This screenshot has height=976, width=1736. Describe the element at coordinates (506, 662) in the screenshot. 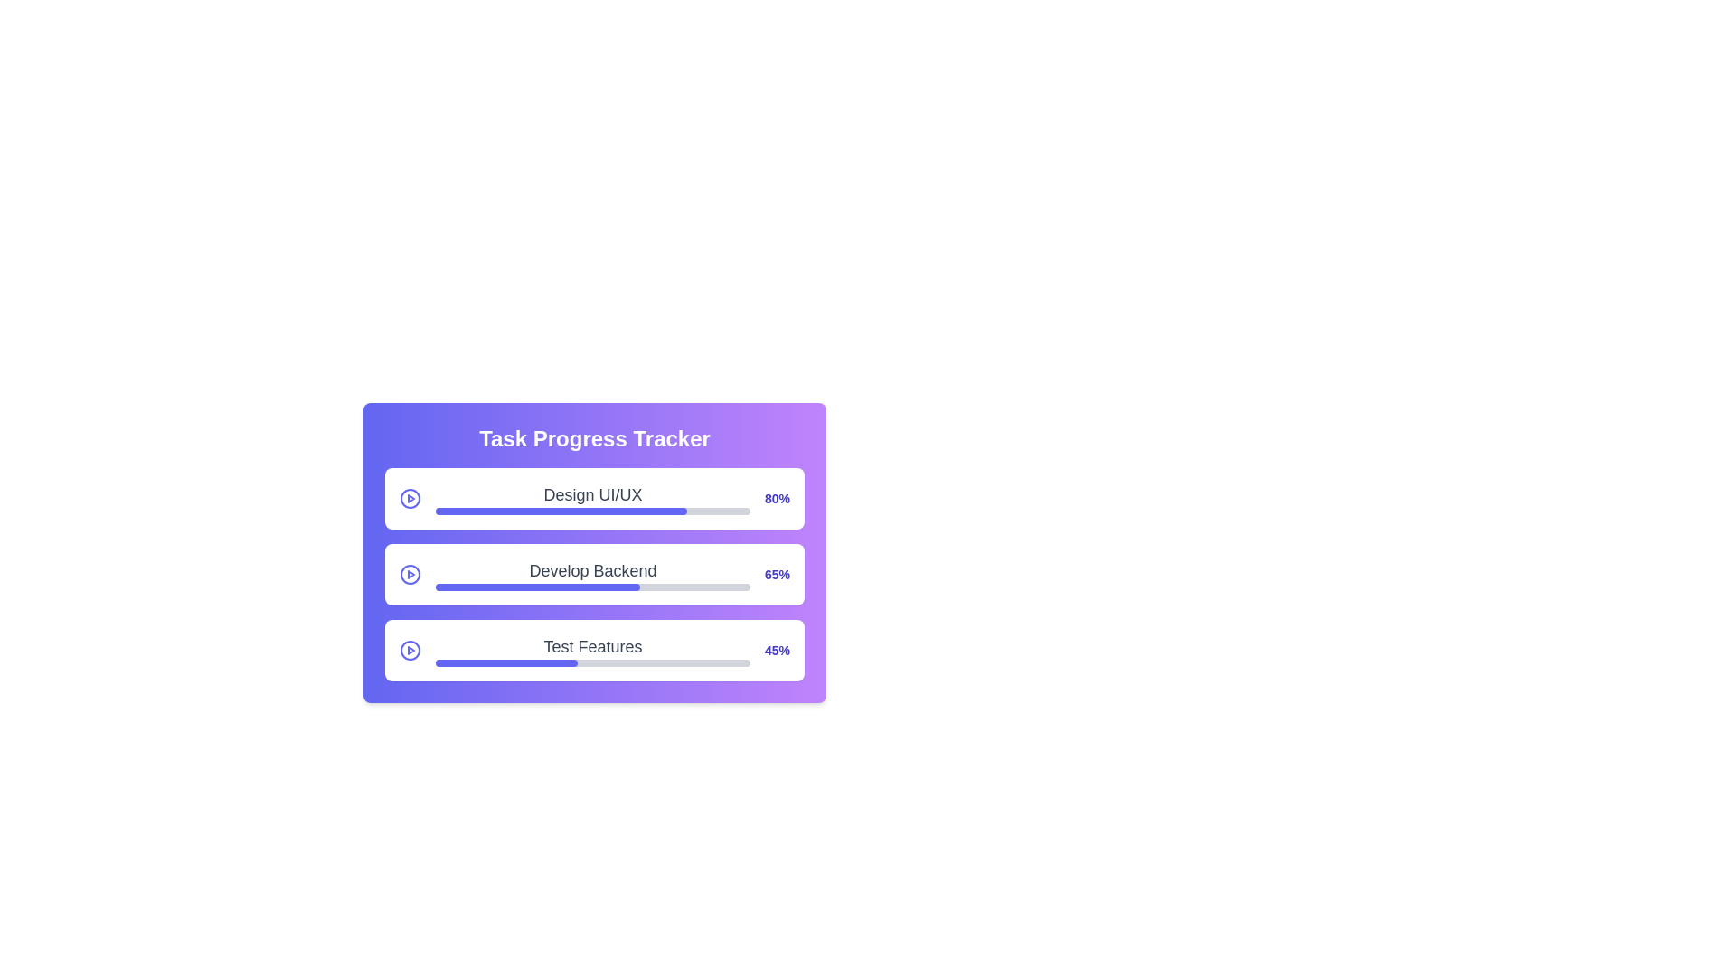

I see `the completed portion of the third progress bar segment, which visually indicates a progress value of 45% and is located below the 'Test Features' label` at that location.